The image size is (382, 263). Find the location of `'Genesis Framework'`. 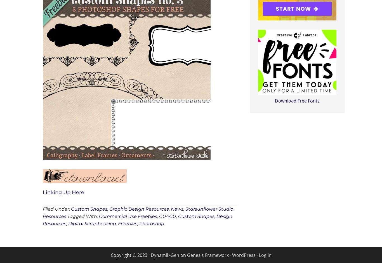

'Genesis Framework' is located at coordinates (207, 254).